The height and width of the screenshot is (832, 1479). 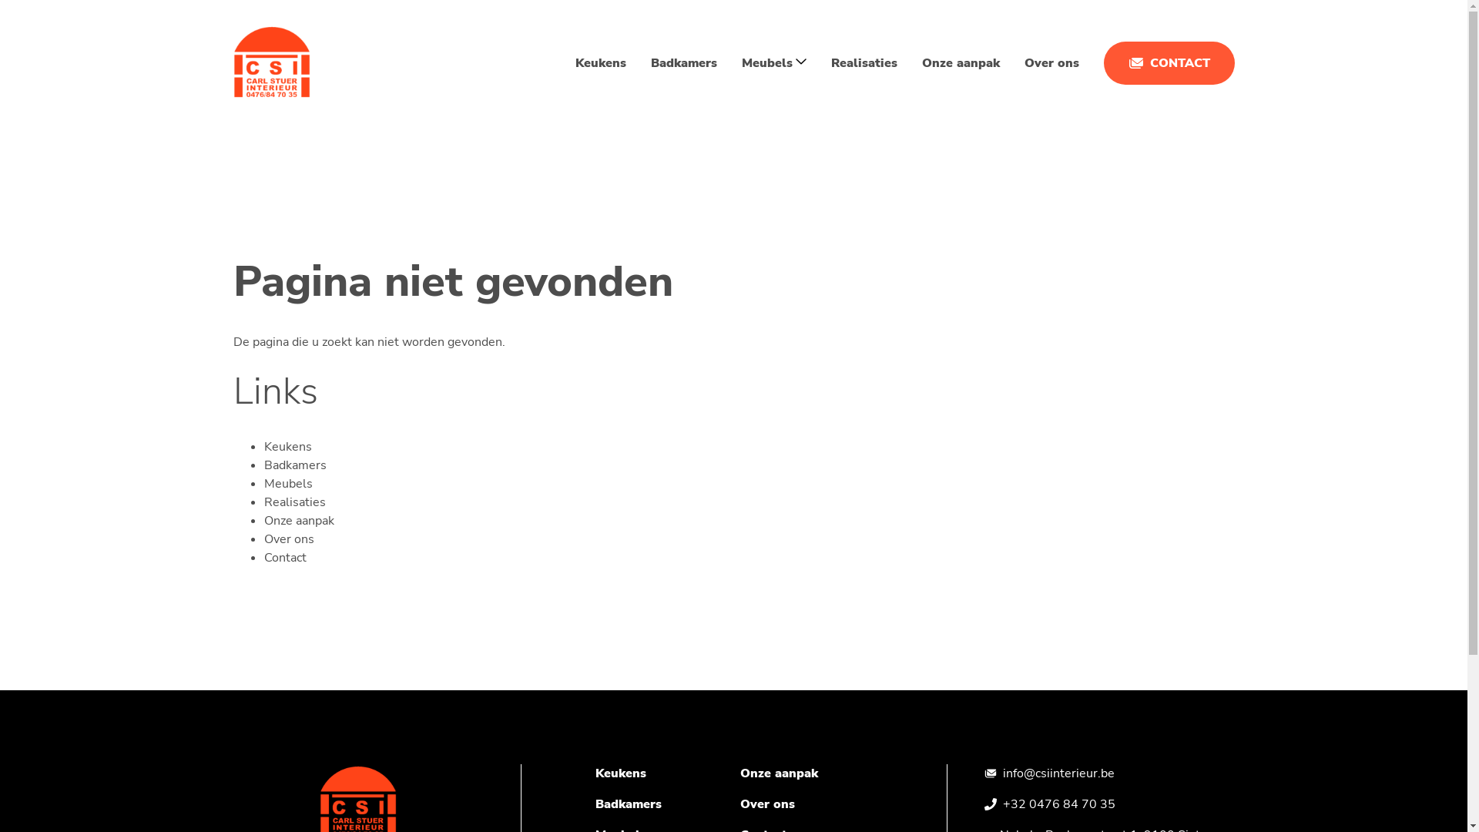 What do you see at coordinates (263, 483) in the screenshot?
I see `'Meubels'` at bounding box center [263, 483].